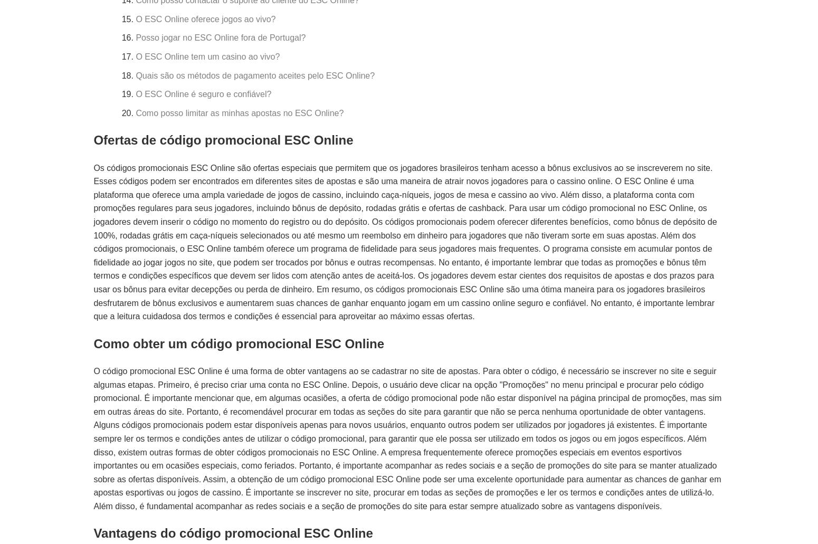 The width and height of the screenshot is (818, 544). What do you see at coordinates (233, 532) in the screenshot?
I see `'Vantagens do código promocional ESC Online'` at bounding box center [233, 532].